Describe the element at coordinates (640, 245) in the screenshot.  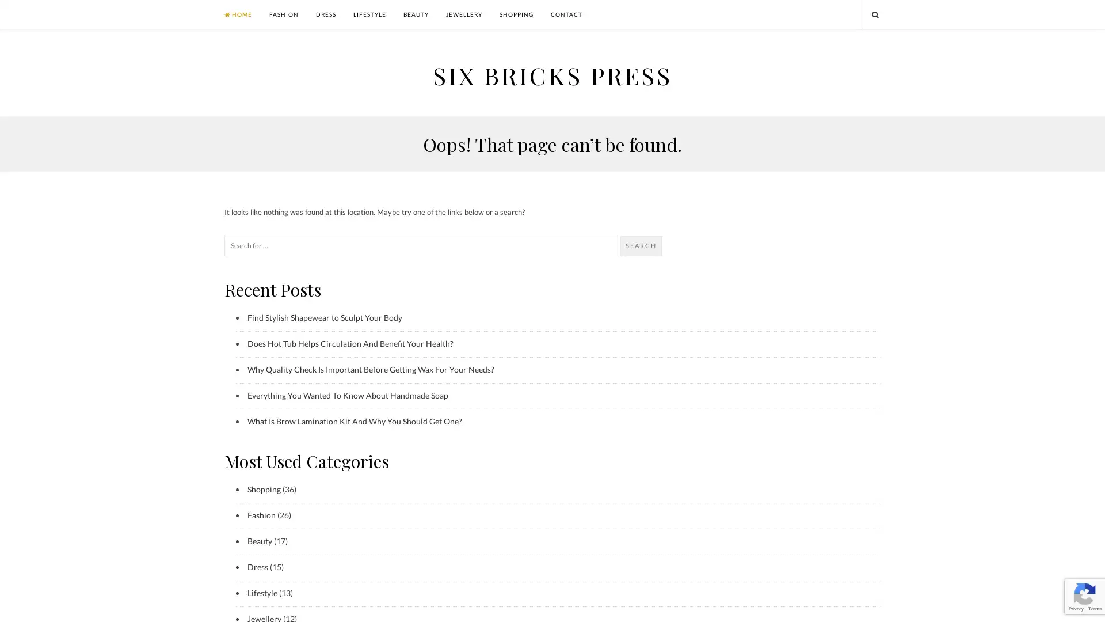
I see `SEARCH` at that location.